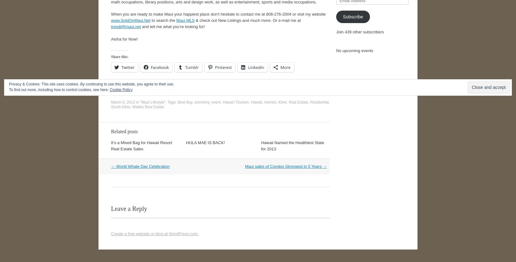  What do you see at coordinates (319, 102) in the screenshot?
I see `'Residential'` at bounding box center [319, 102].